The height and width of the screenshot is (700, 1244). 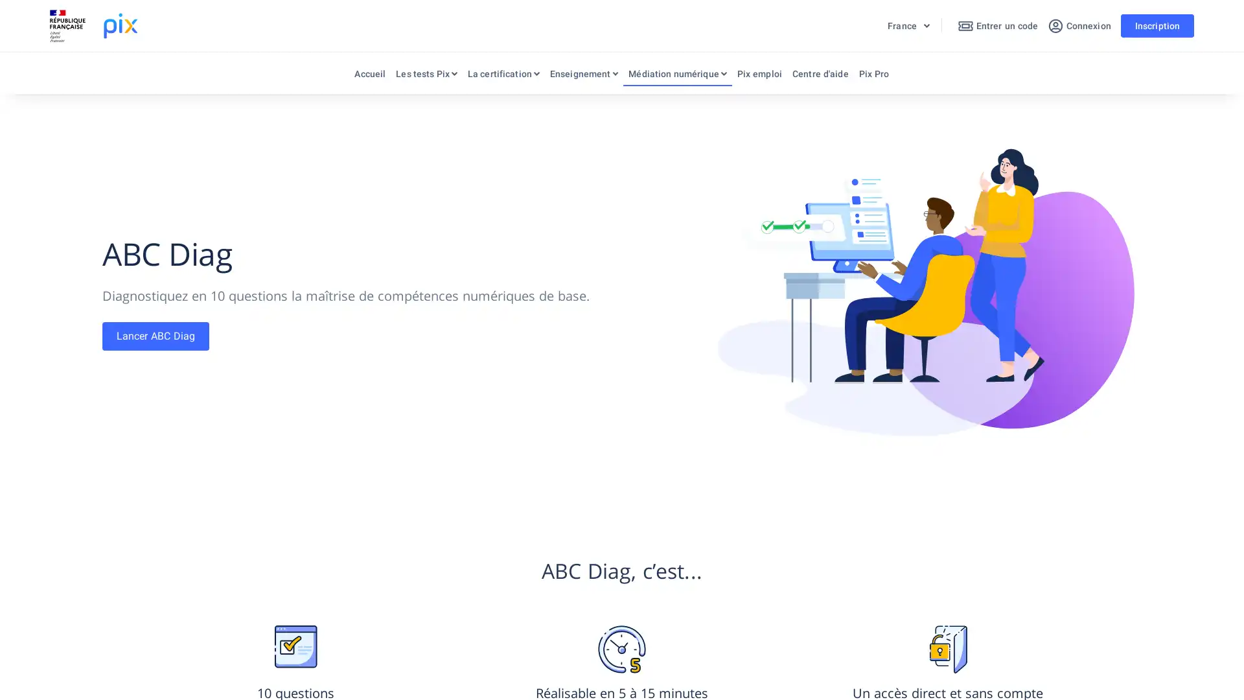 I want to click on Enseignement, so click(x=583, y=76).